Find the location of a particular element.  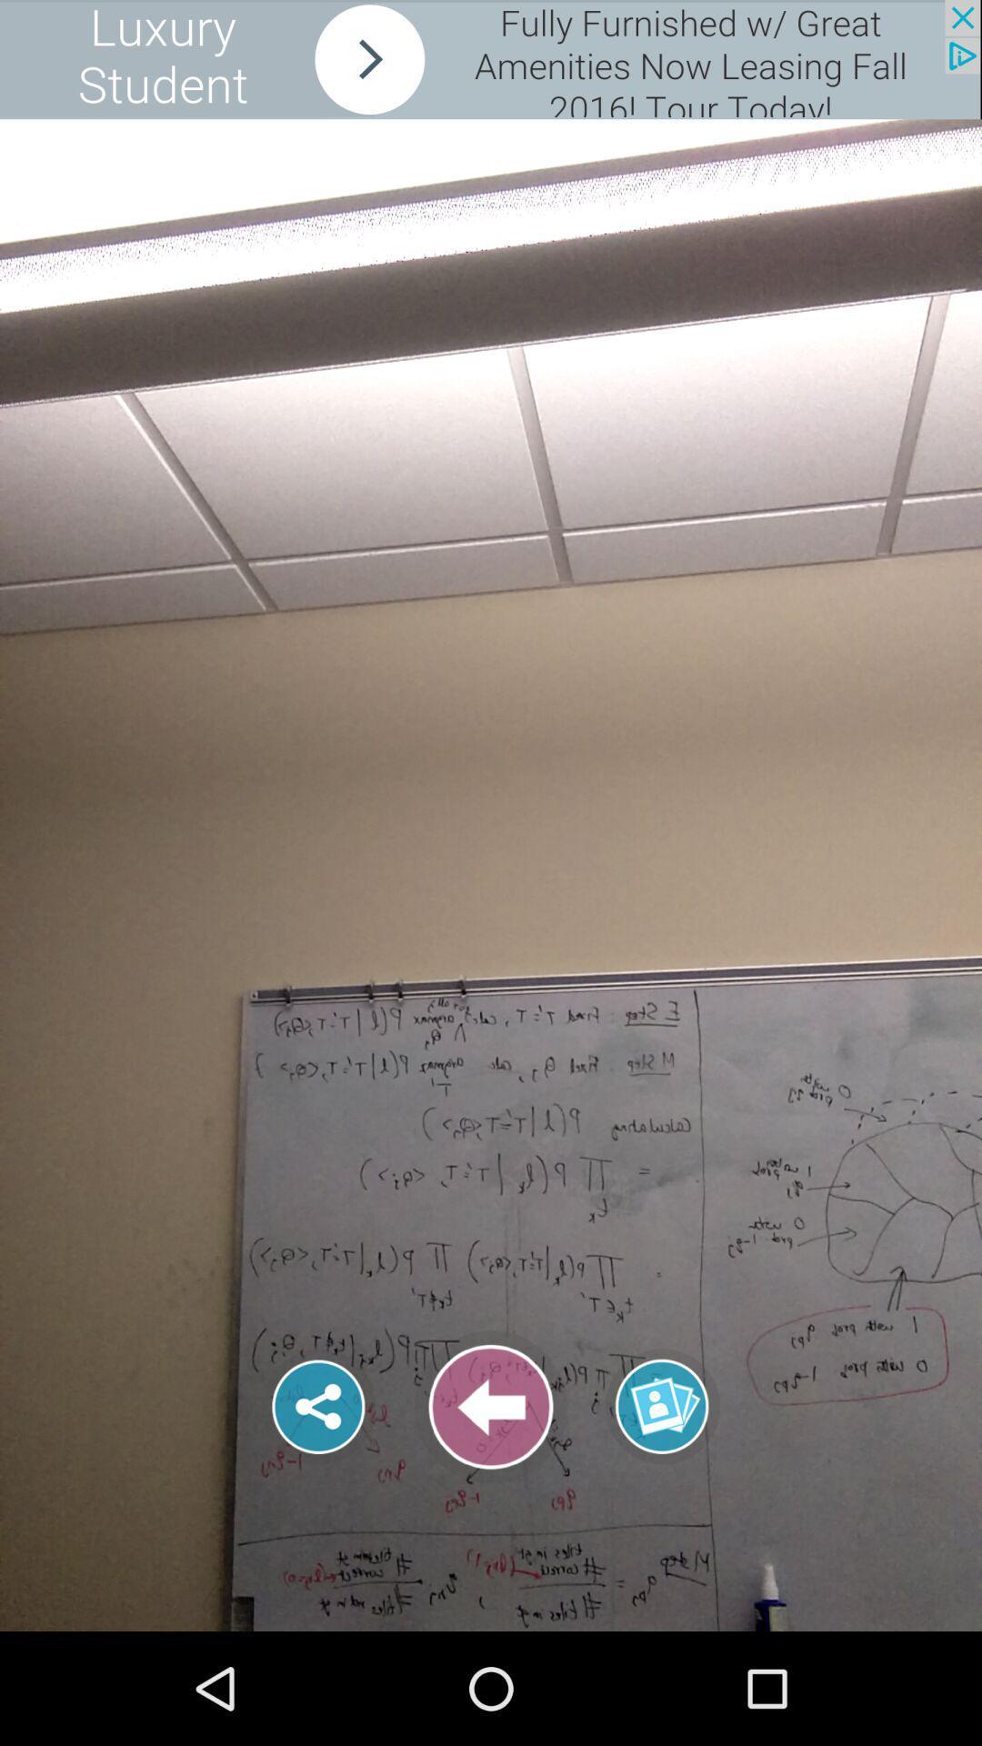

go back is located at coordinates (491, 1406).